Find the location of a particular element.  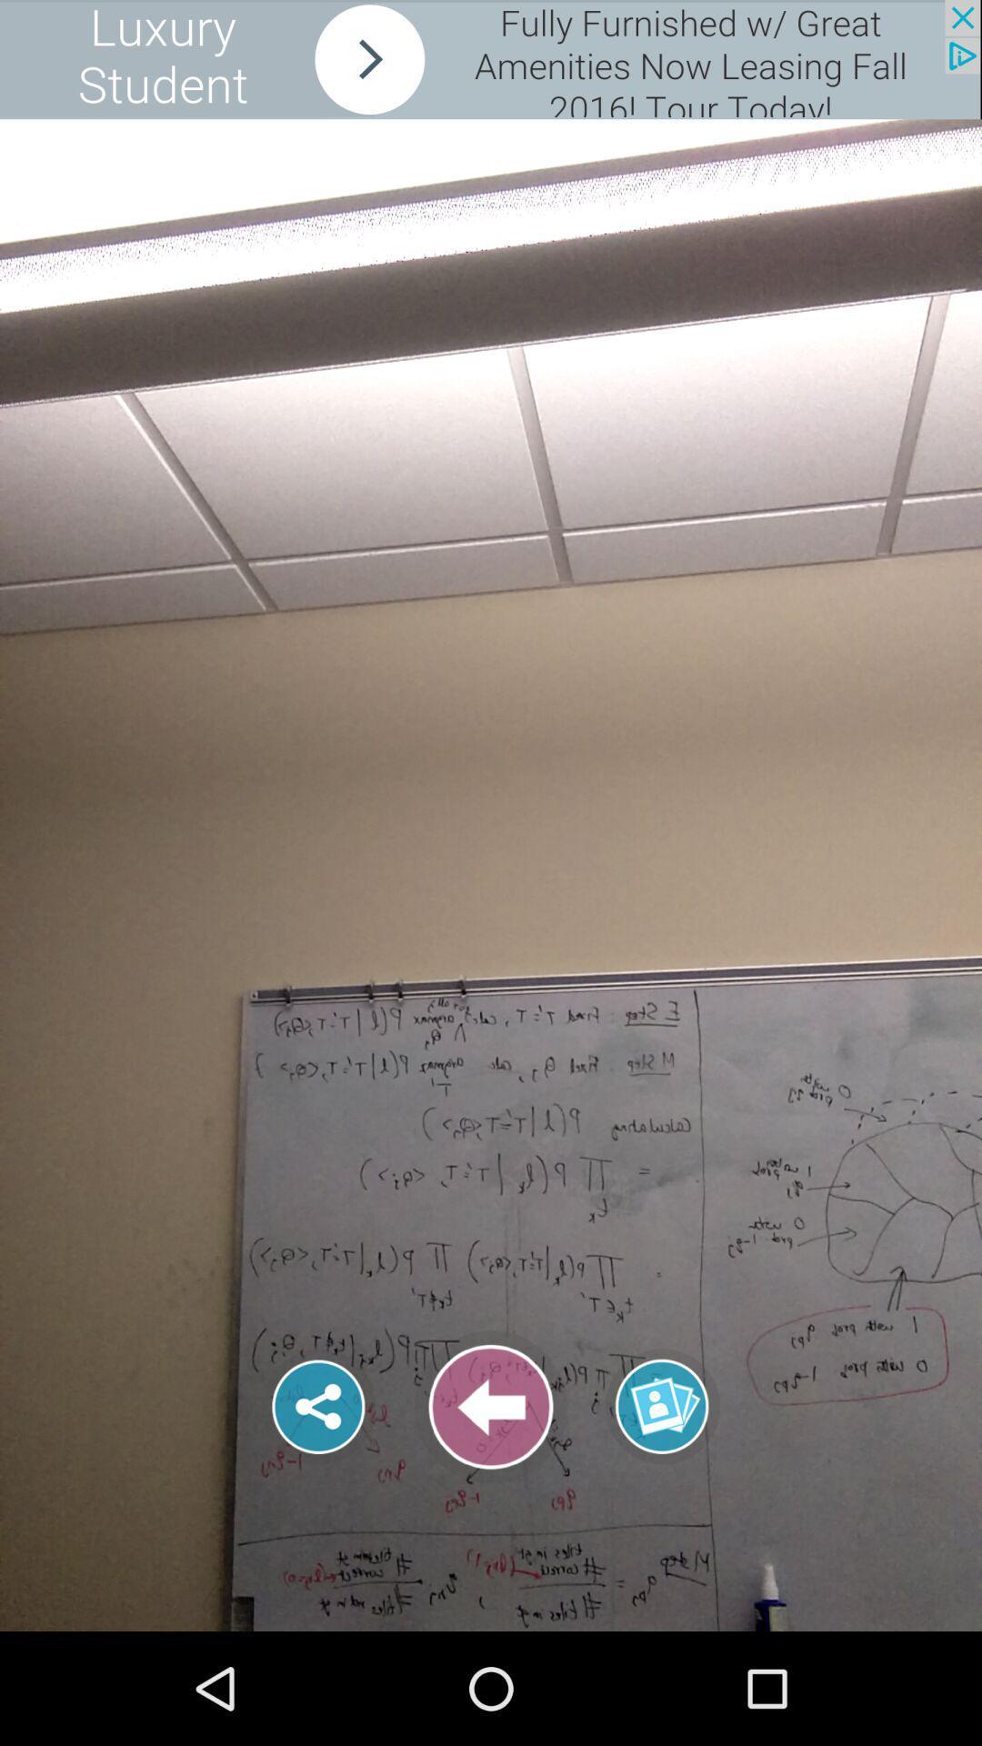

go back is located at coordinates (491, 1406).